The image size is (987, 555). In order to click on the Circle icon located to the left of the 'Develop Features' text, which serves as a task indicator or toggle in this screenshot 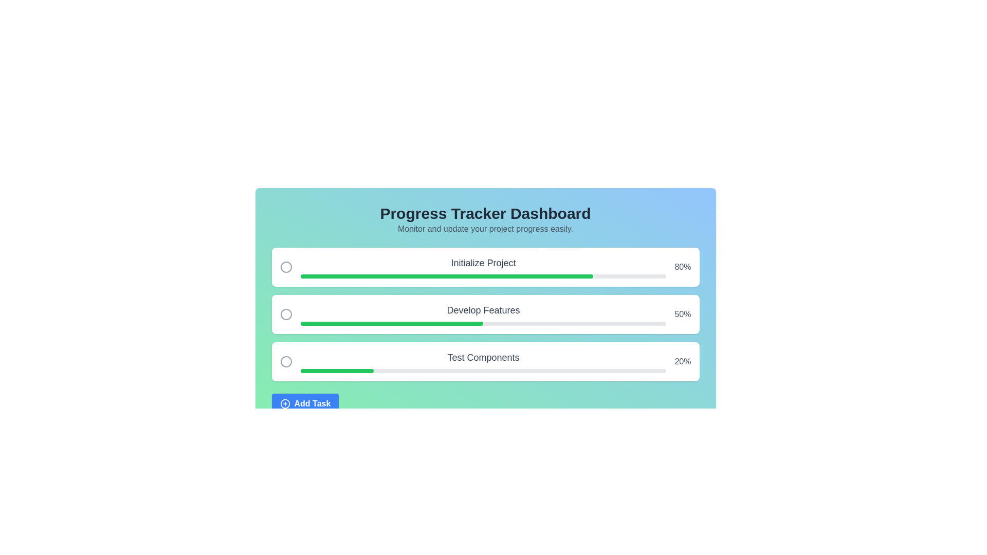, I will do `click(286, 314)`.